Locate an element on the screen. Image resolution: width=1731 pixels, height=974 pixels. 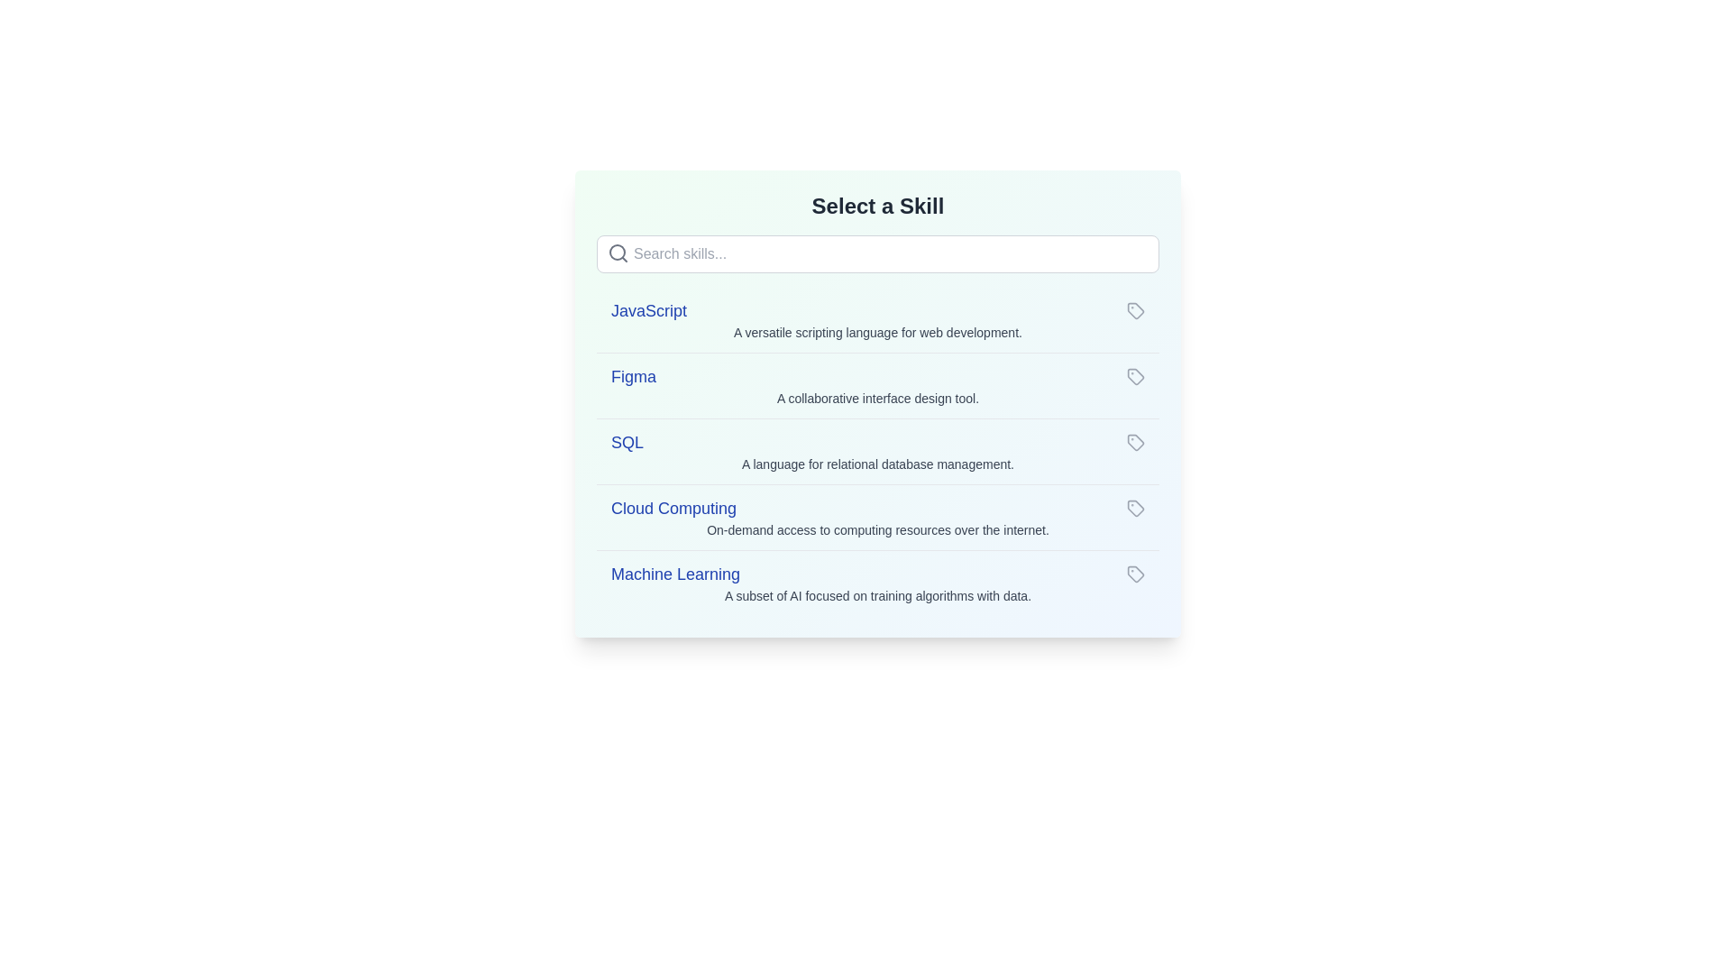
the text label providing a description of the 'SQL' skill, located directly beneath the bolded skill name 'SQL' is located at coordinates (878, 464).